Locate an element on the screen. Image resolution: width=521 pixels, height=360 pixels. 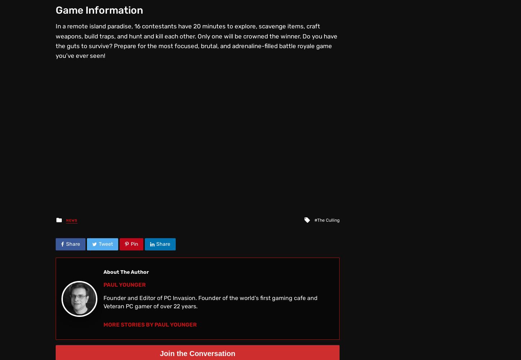
'Tweet' is located at coordinates (106, 244).